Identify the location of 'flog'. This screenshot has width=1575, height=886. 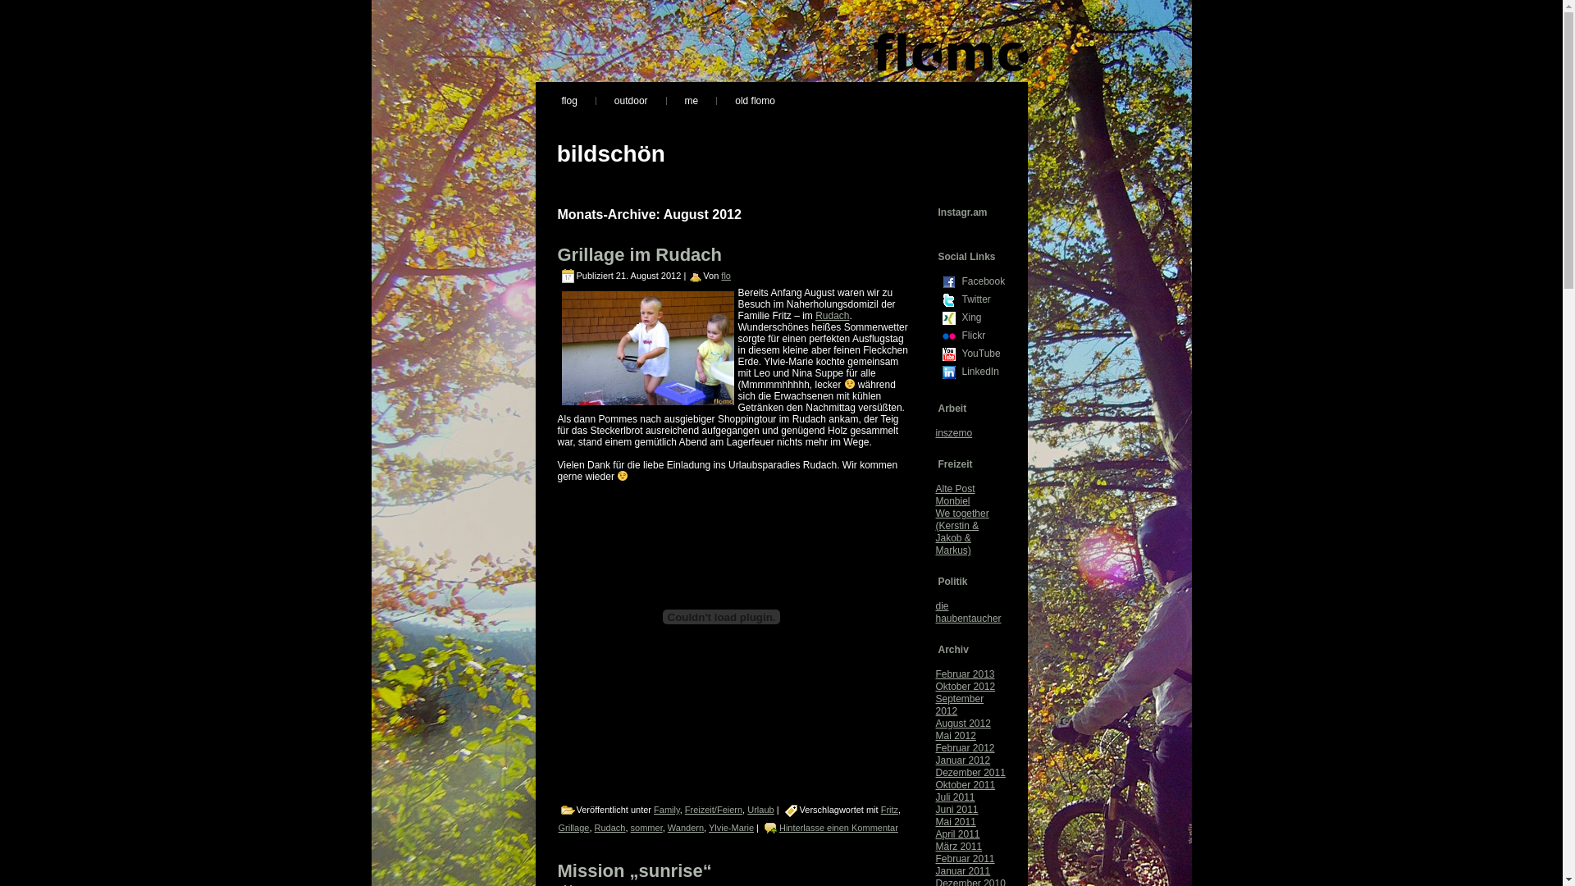
(543, 101).